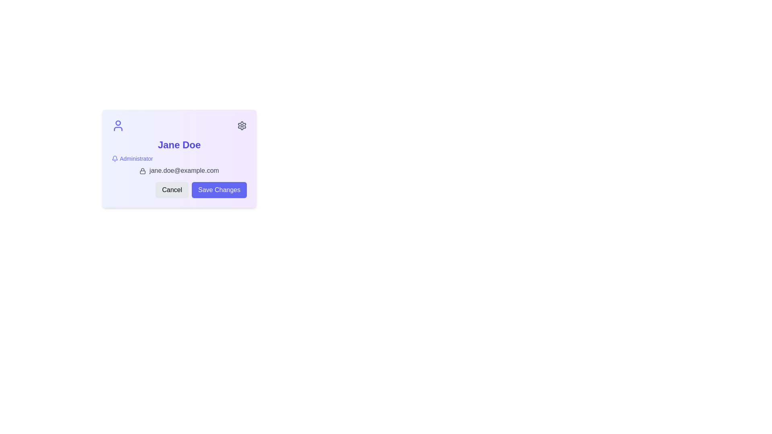  Describe the element at coordinates (179, 170) in the screenshot. I see `the static text element displaying the email address 'jane.doe@example.com' with a lock icon prefix, located at the bottom of the user profile card` at that location.